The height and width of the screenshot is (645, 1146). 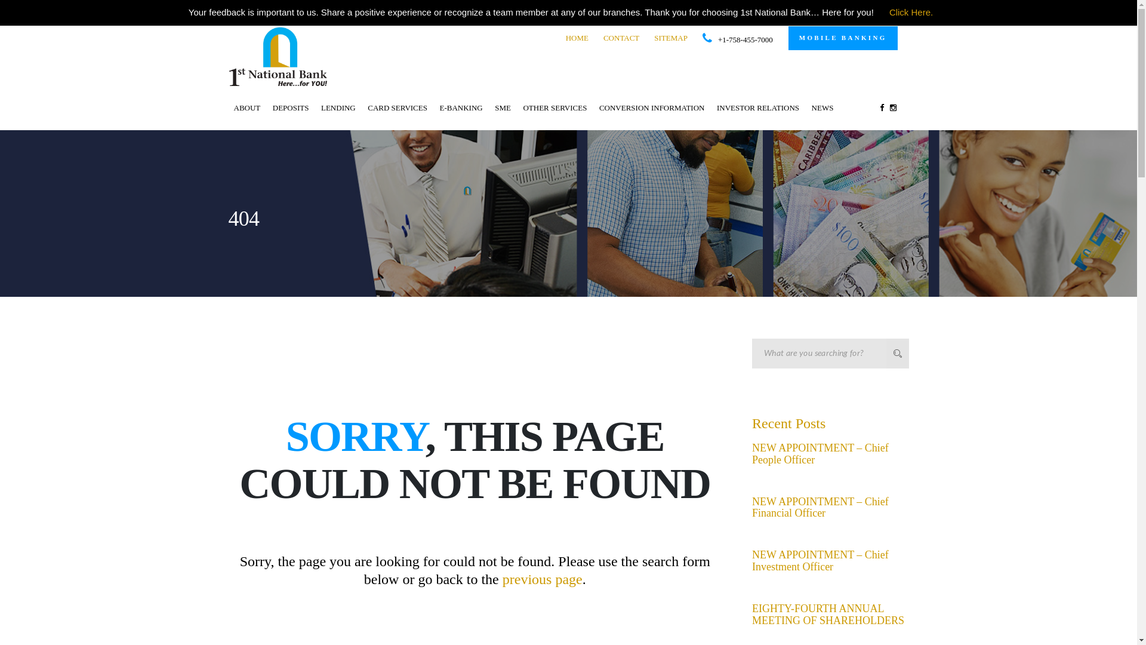 I want to click on 'HOME', so click(x=577, y=37).